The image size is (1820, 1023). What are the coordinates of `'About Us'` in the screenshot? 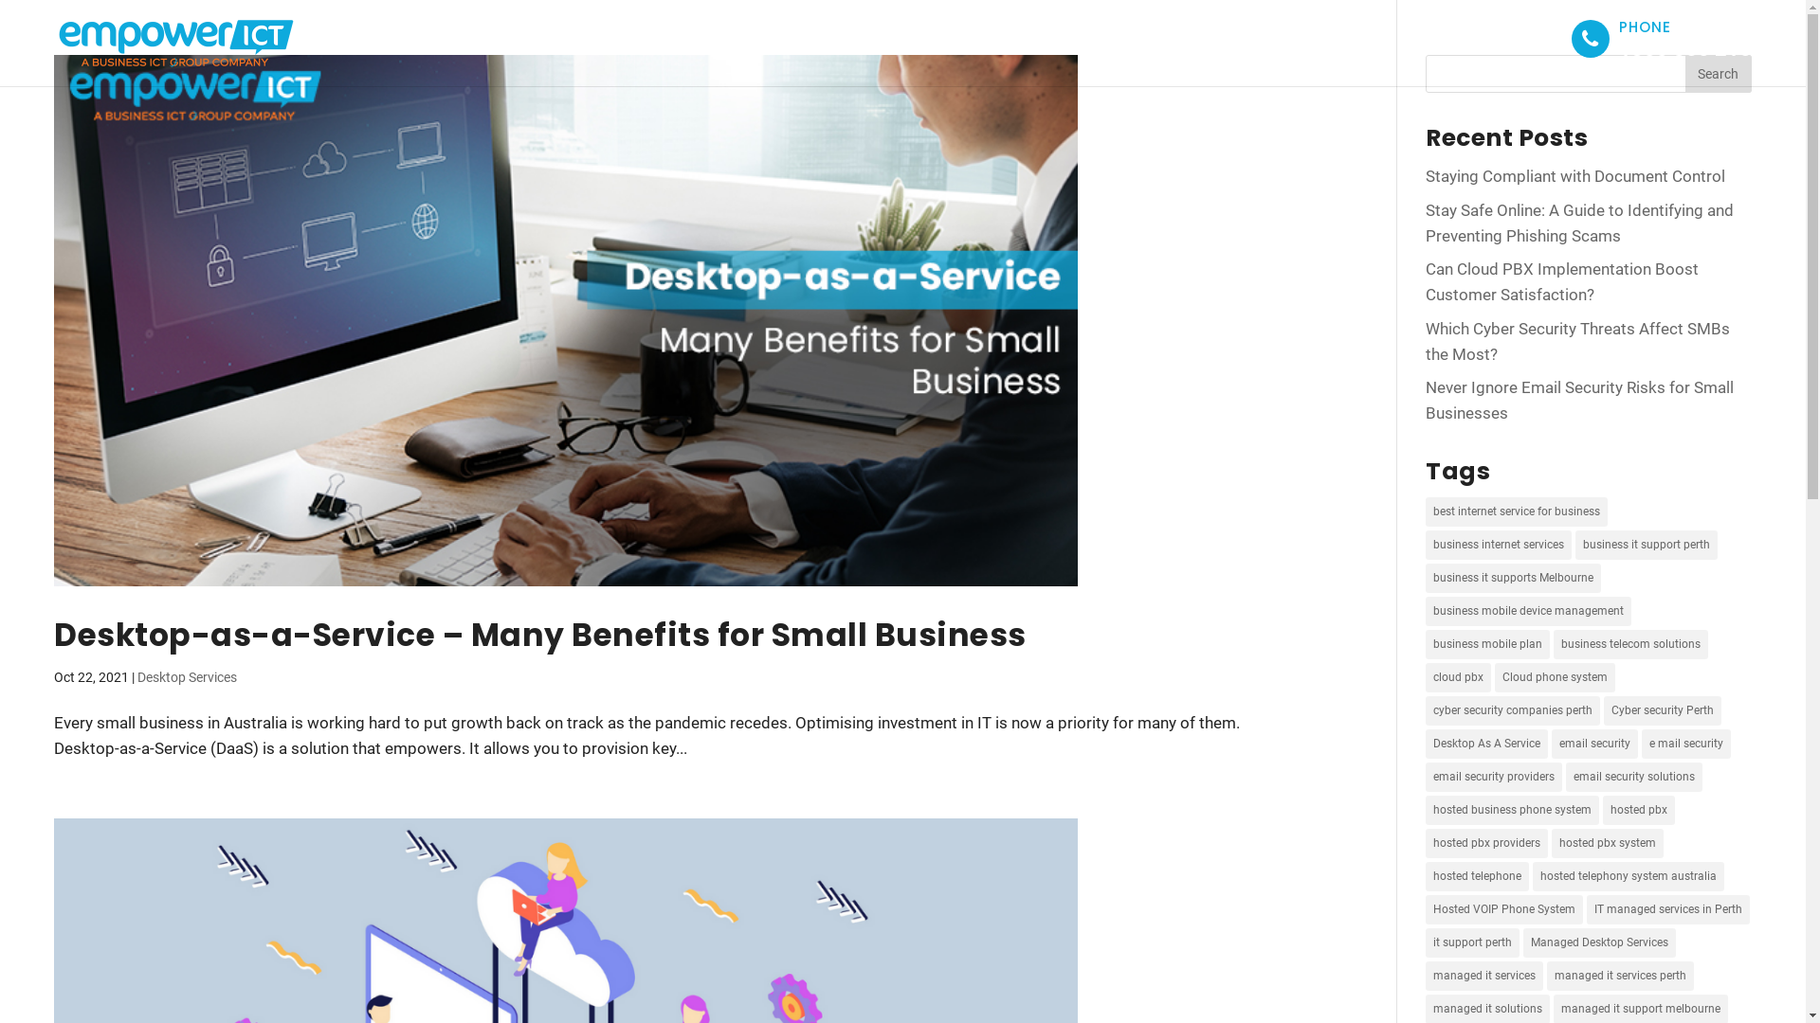 It's located at (1124, 37).